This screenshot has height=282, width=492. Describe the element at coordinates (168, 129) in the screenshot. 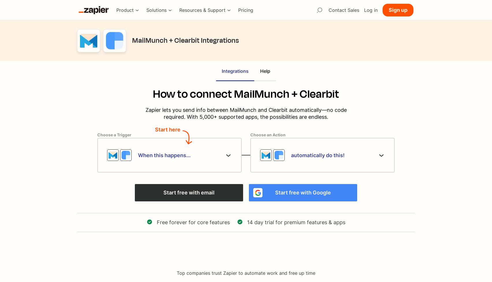

I see `'Start here'` at that location.